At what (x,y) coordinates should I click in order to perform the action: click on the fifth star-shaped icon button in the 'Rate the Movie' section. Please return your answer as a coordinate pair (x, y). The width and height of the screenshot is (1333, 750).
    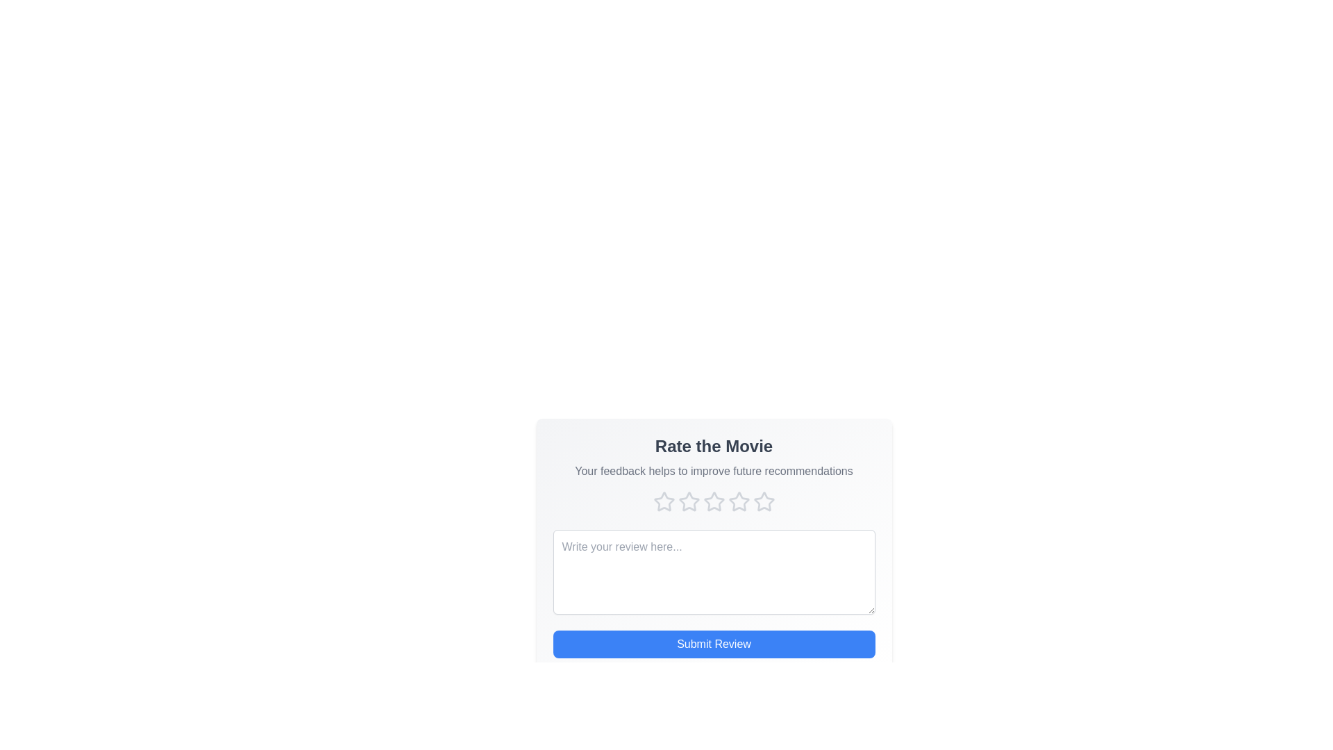
    Looking at the image, I should click on (763, 501).